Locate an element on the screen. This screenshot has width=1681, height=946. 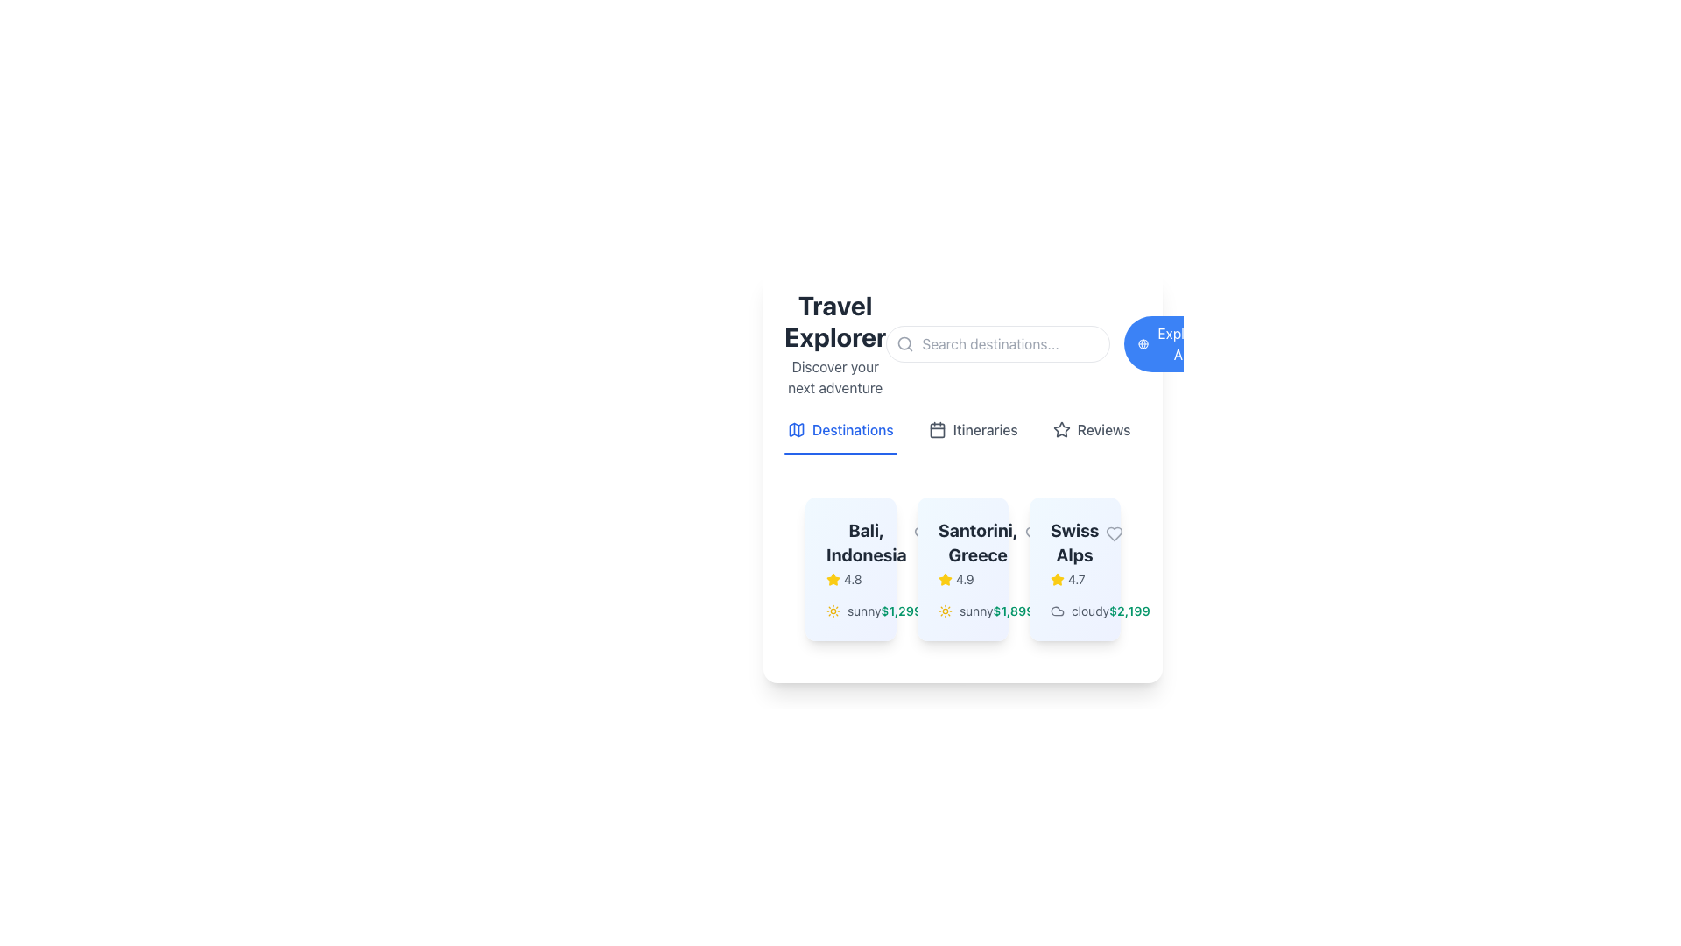
the heart-shaped icon with a light gray outline located at the top-right corner of the 'Swiss Alps' card to mark the travel destination as favorite is located at coordinates (1114, 533).